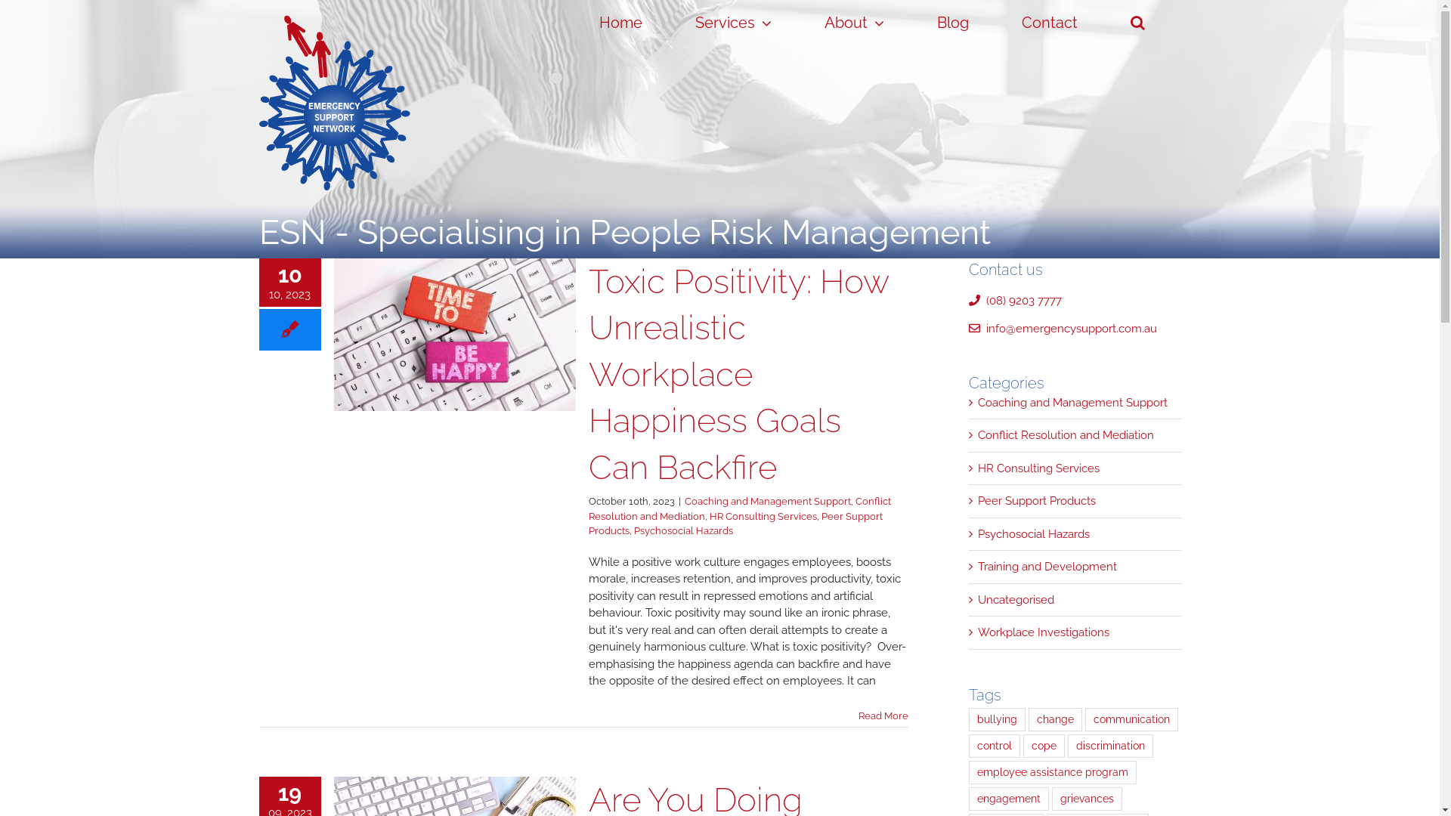 The image size is (1451, 816). What do you see at coordinates (1110, 745) in the screenshot?
I see `'discrimination'` at bounding box center [1110, 745].